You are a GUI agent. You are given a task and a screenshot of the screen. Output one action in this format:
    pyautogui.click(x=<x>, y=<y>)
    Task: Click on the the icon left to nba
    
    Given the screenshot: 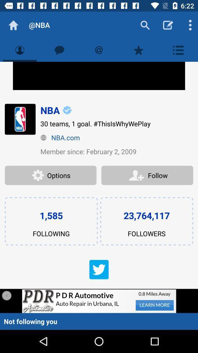 What is the action you would take?
    pyautogui.click(x=20, y=119)
    